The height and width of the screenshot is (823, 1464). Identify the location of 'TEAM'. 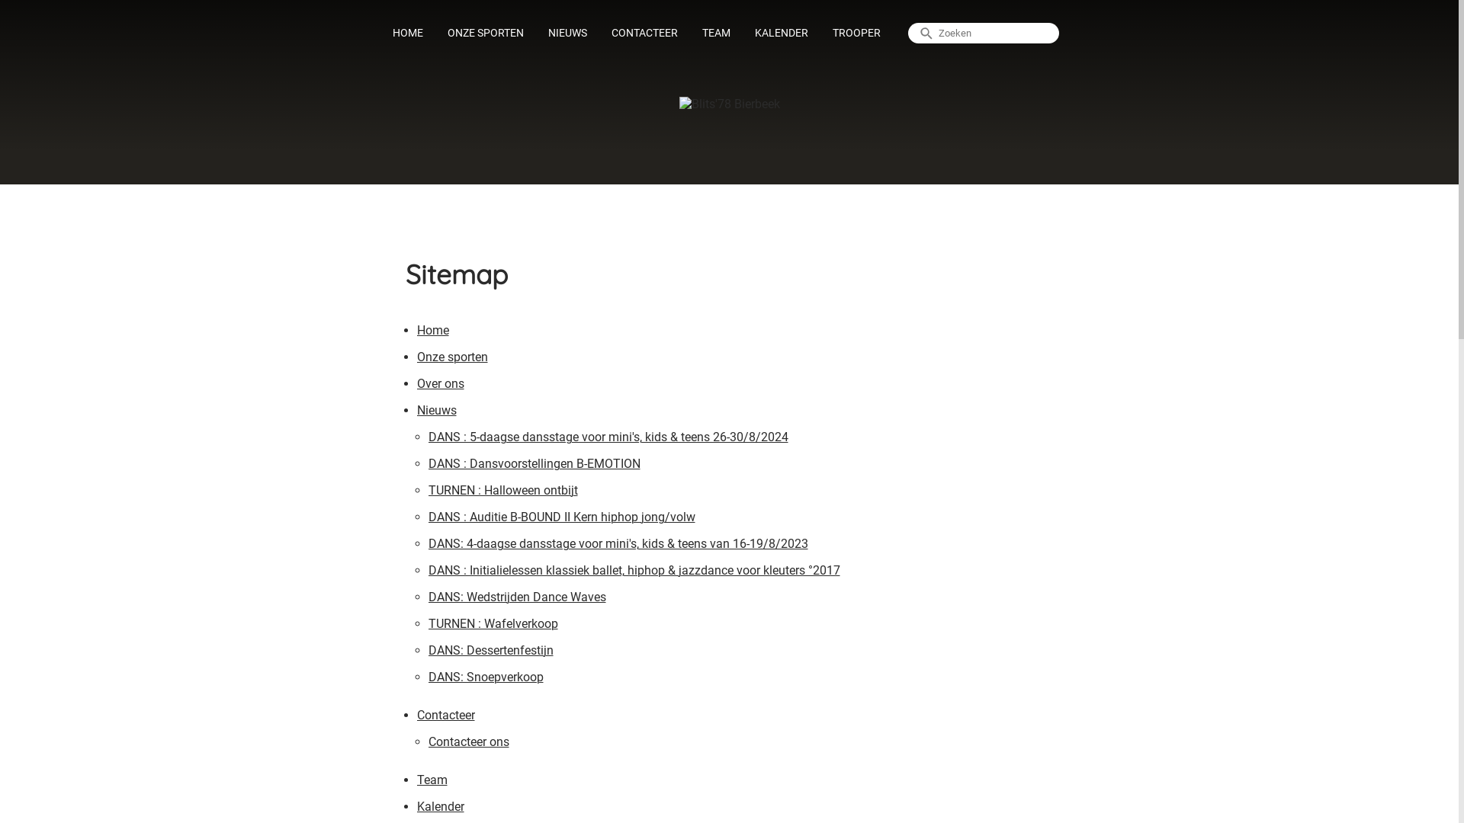
(715, 33).